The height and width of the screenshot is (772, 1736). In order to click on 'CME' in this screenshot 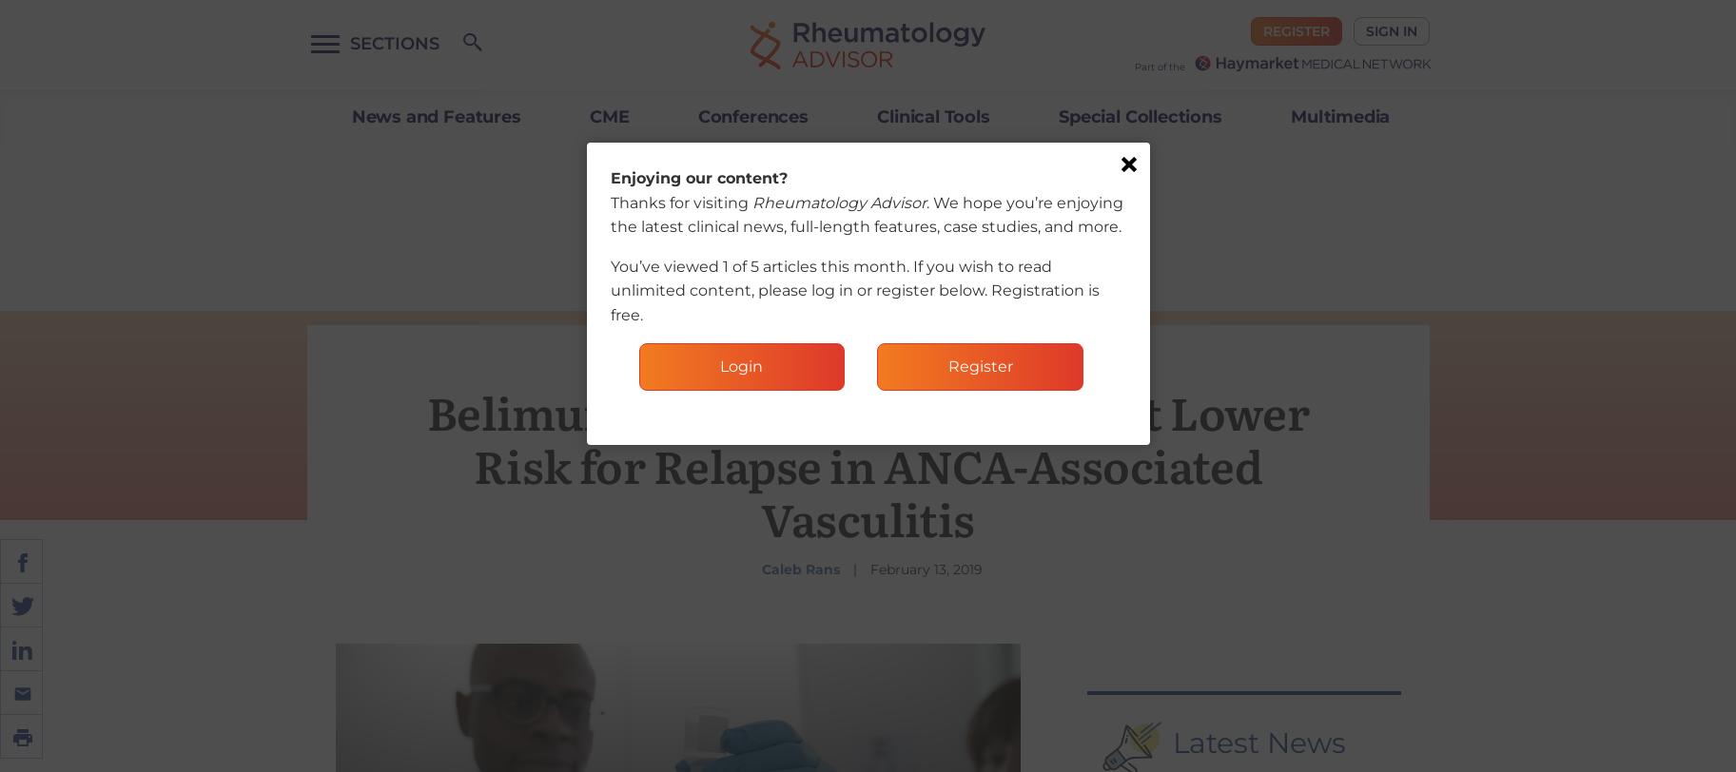, I will do `click(609, 117)`.